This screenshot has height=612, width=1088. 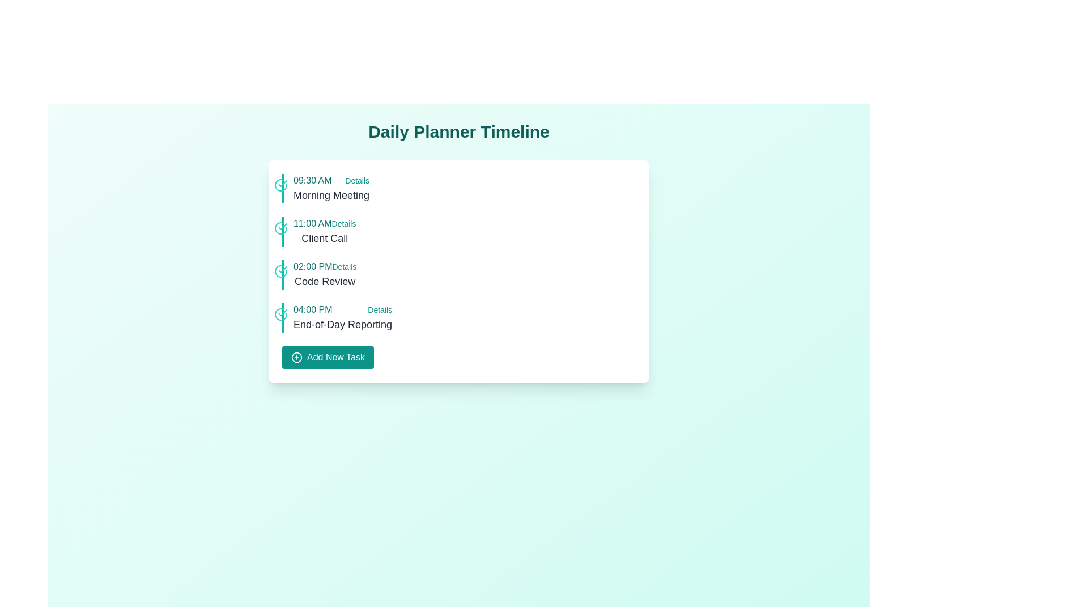 I want to click on the 'Add New Task' button, so click(x=328, y=358).